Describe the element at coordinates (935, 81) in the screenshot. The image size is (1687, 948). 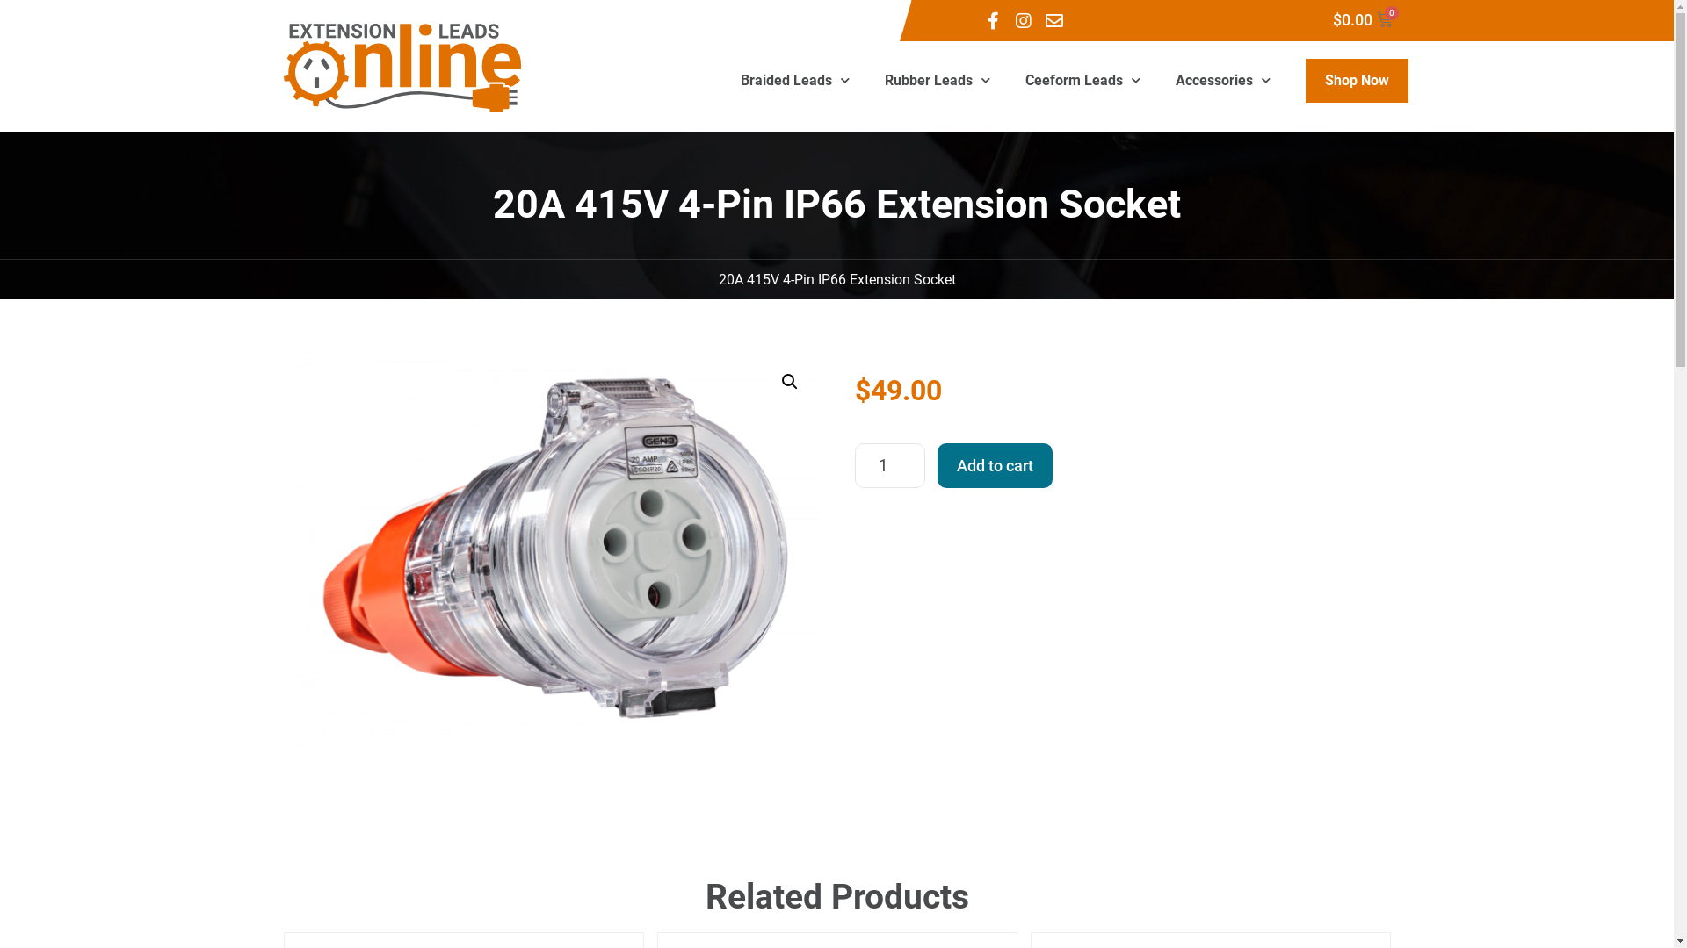
I see `'Rubber Leads'` at that location.